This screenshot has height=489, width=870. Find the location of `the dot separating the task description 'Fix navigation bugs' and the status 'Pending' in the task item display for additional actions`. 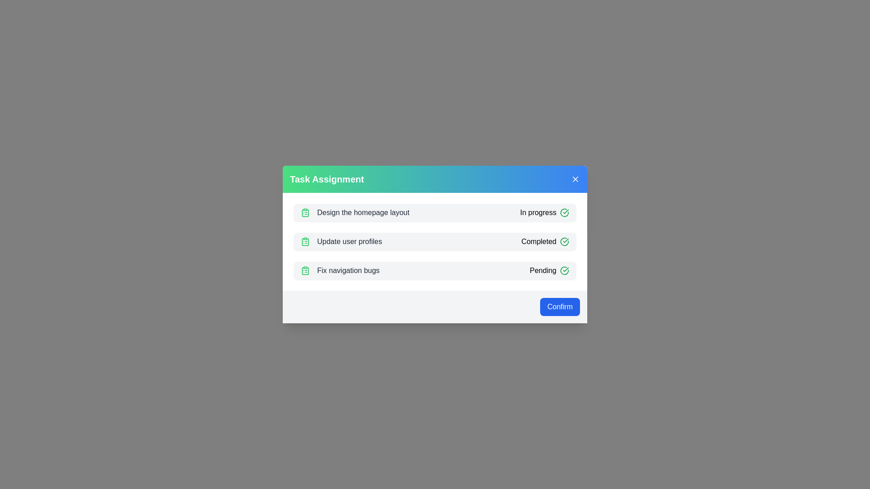

the dot separating the task description 'Fix navigation bugs' and the status 'Pending' in the task item display for additional actions is located at coordinates (435, 270).